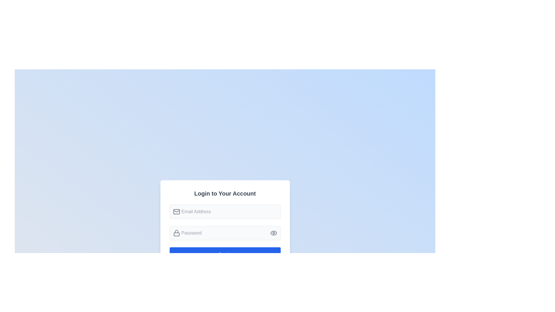  What do you see at coordinates (176, 211) in the screenshot?
I see `the envelope icon, which is a rectangular SVG graphic with rounded corners located in the top-left corner of the 'Email Address' input field in a login form, to potentially trigger a tooltip` at bounding box center [176, 211].